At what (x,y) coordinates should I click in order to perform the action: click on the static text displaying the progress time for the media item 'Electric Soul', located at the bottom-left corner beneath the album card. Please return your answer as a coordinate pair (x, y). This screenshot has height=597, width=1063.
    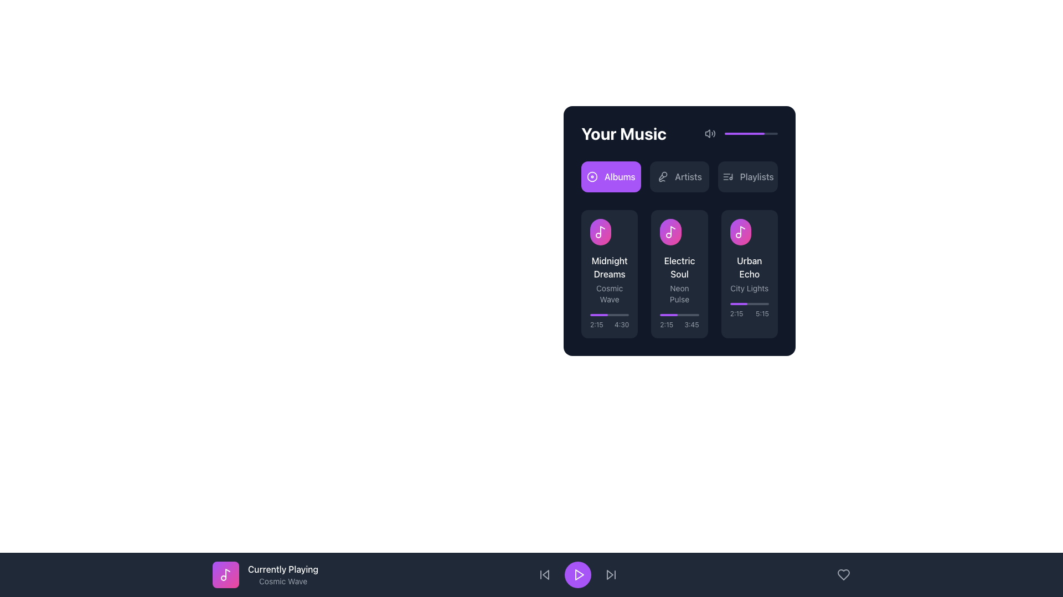
    Looking at the image, I should click on (666, 324).